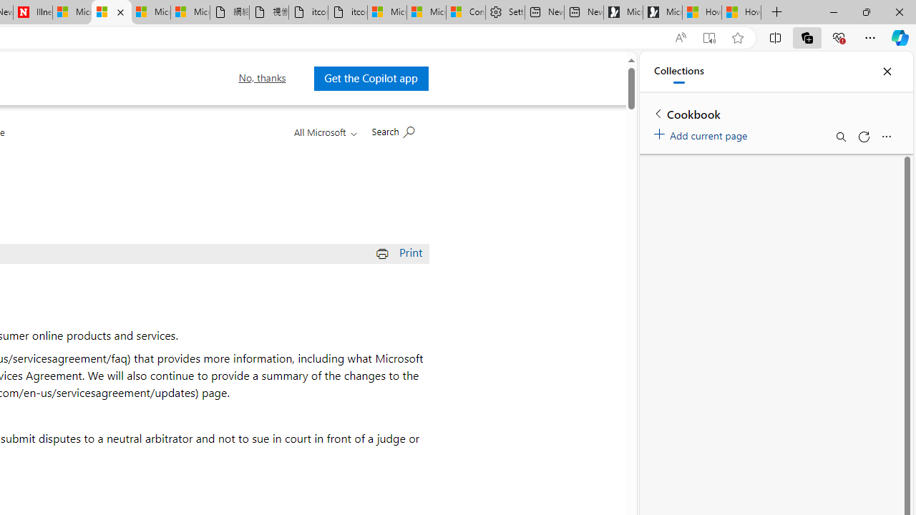 This screenshot has width=916, height=515. What do you see at coordinates (371, 78) in the screenshot?
I see `'Get the Copilot app '` at bounding box center [371, 78].